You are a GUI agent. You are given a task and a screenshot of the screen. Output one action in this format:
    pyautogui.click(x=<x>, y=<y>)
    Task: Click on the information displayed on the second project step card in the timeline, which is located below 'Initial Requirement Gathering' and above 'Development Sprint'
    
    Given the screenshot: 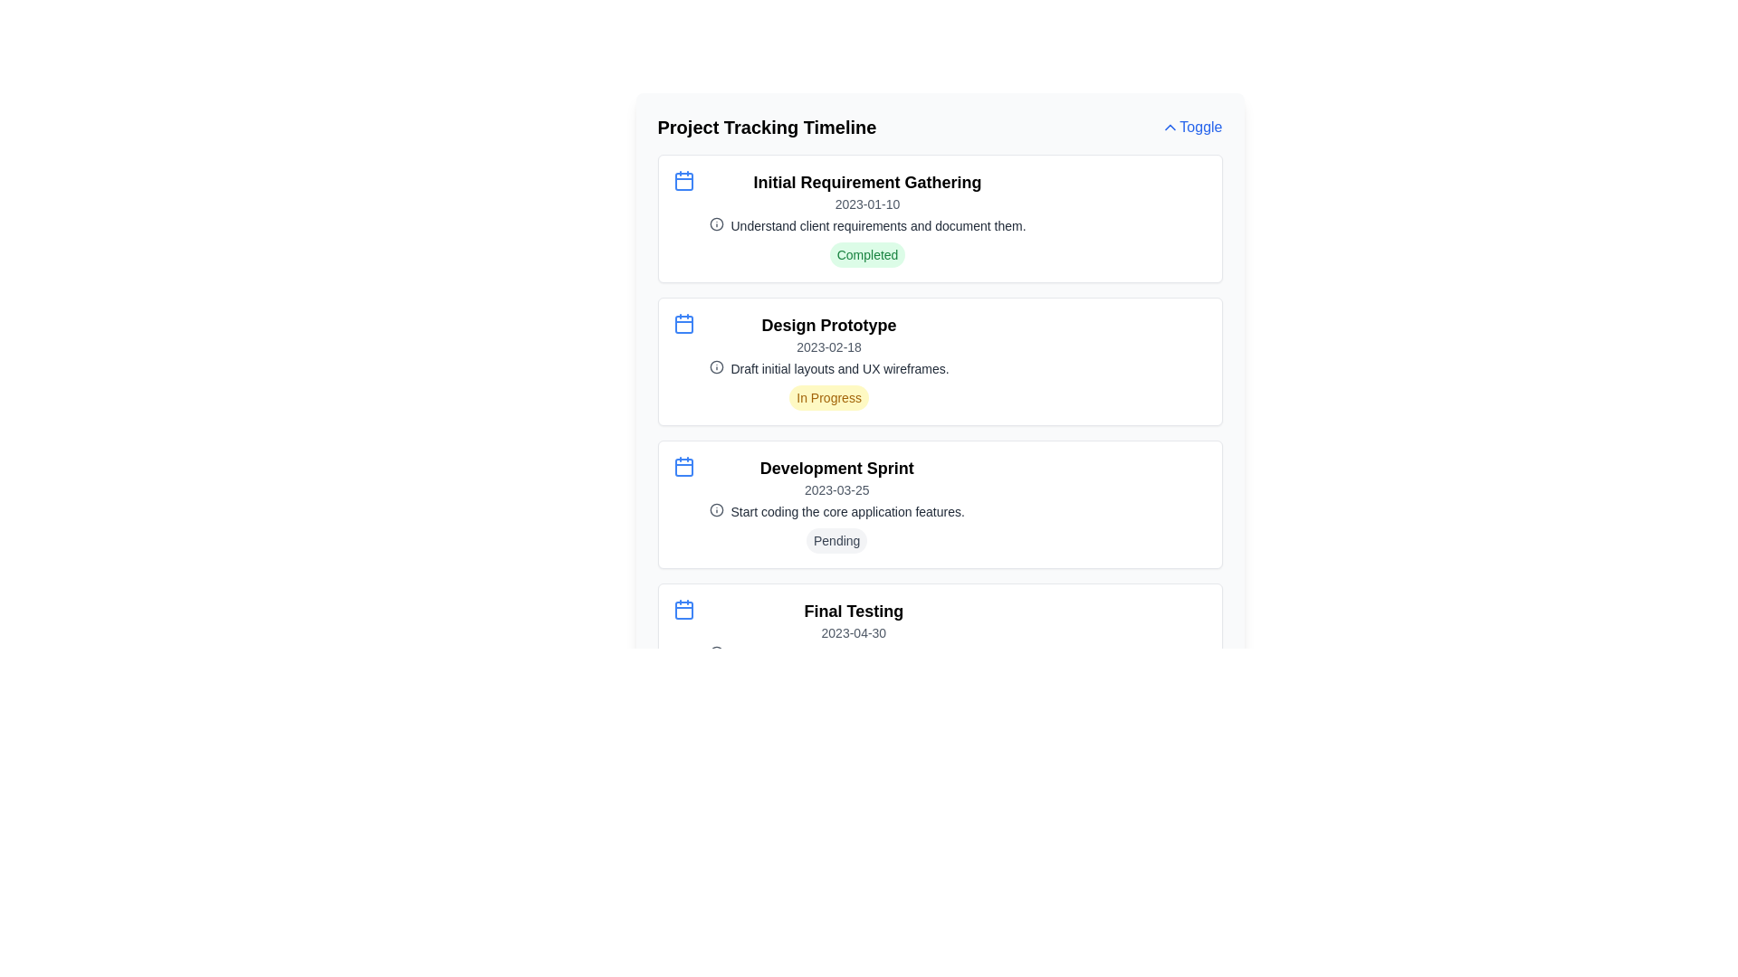 What is the action you would take?
    pyautogui.click(x=940, y=362)
    